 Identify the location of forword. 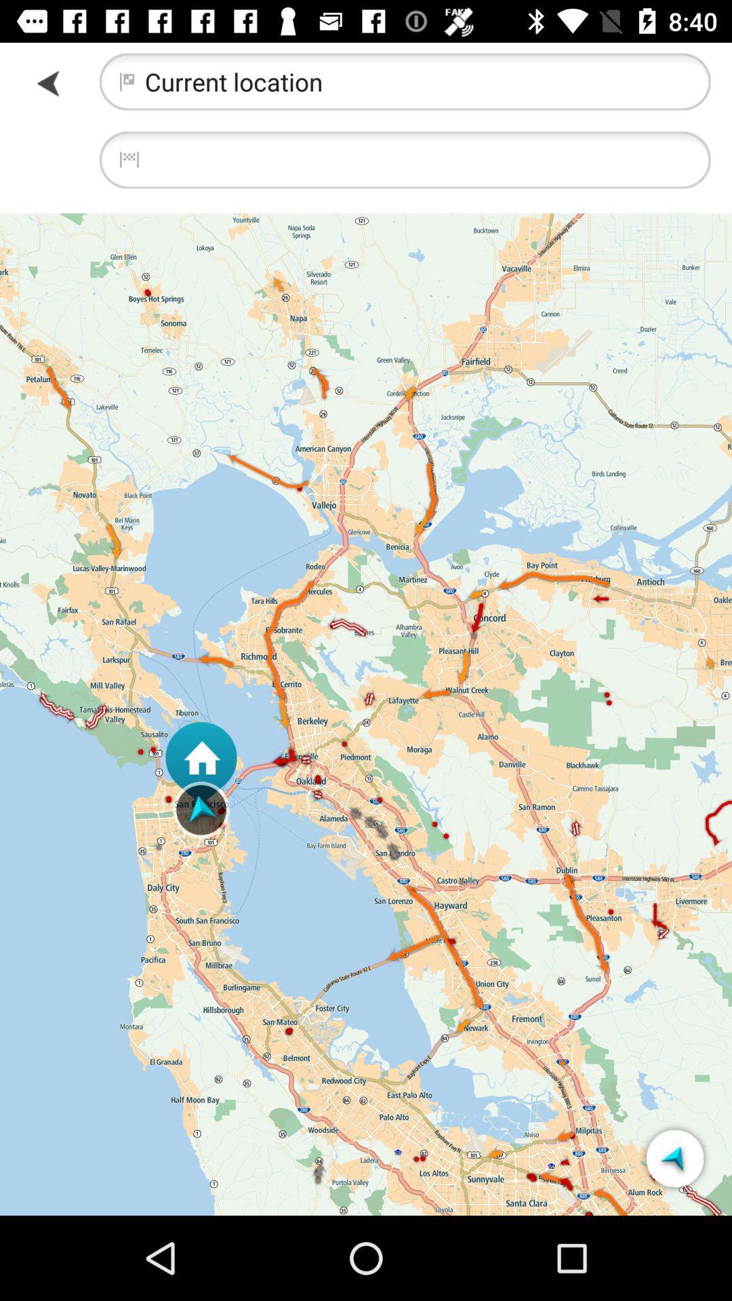
(49, 82).